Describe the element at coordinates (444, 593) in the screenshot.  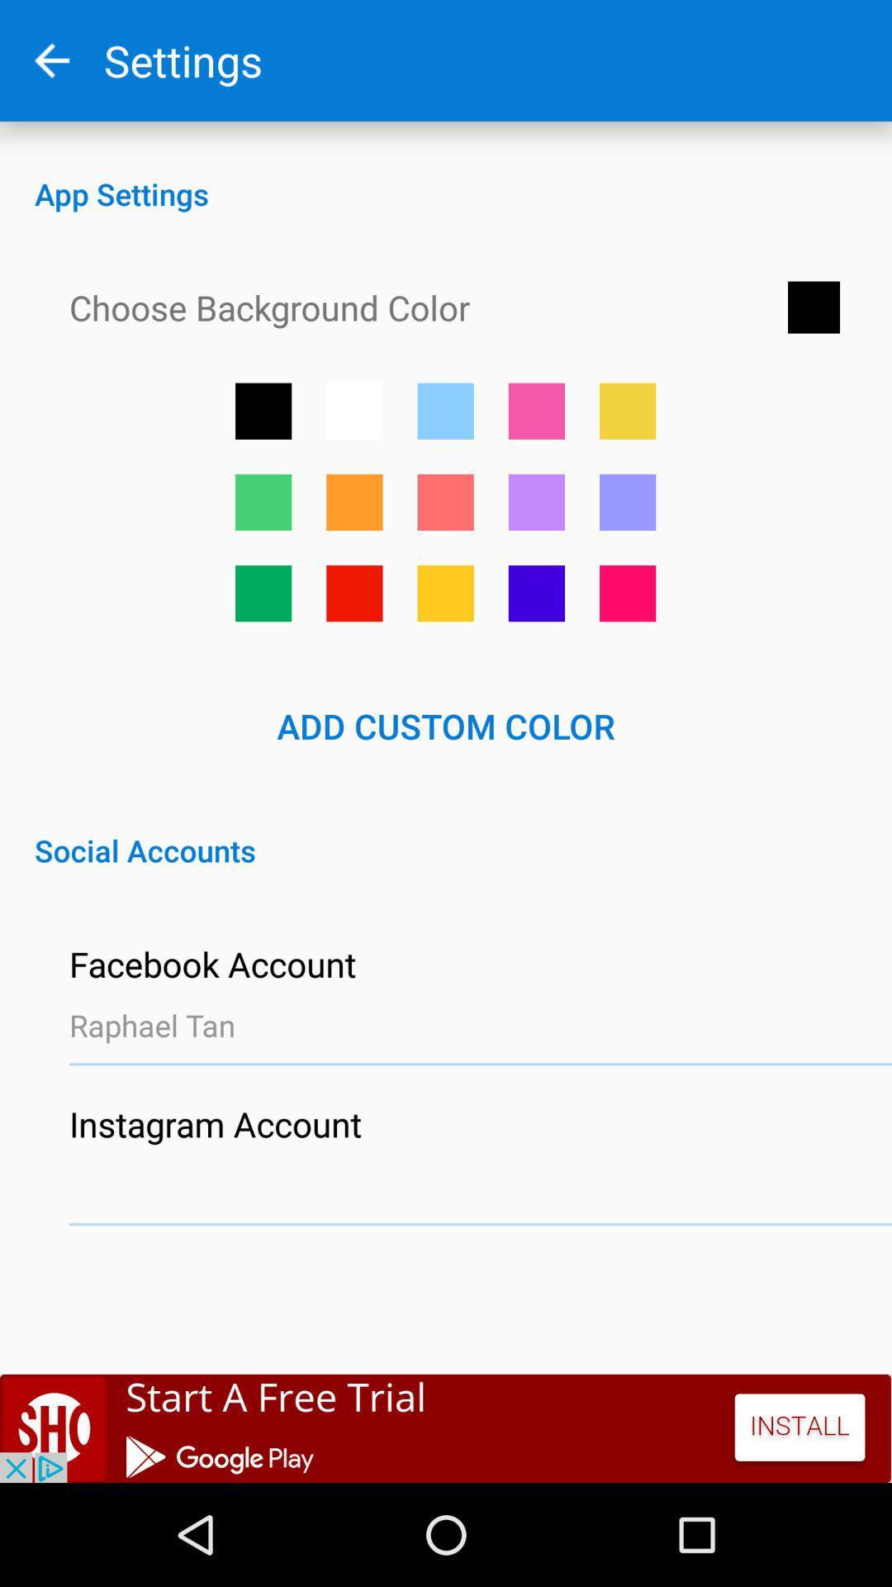
I see `choose orange color` at that location.